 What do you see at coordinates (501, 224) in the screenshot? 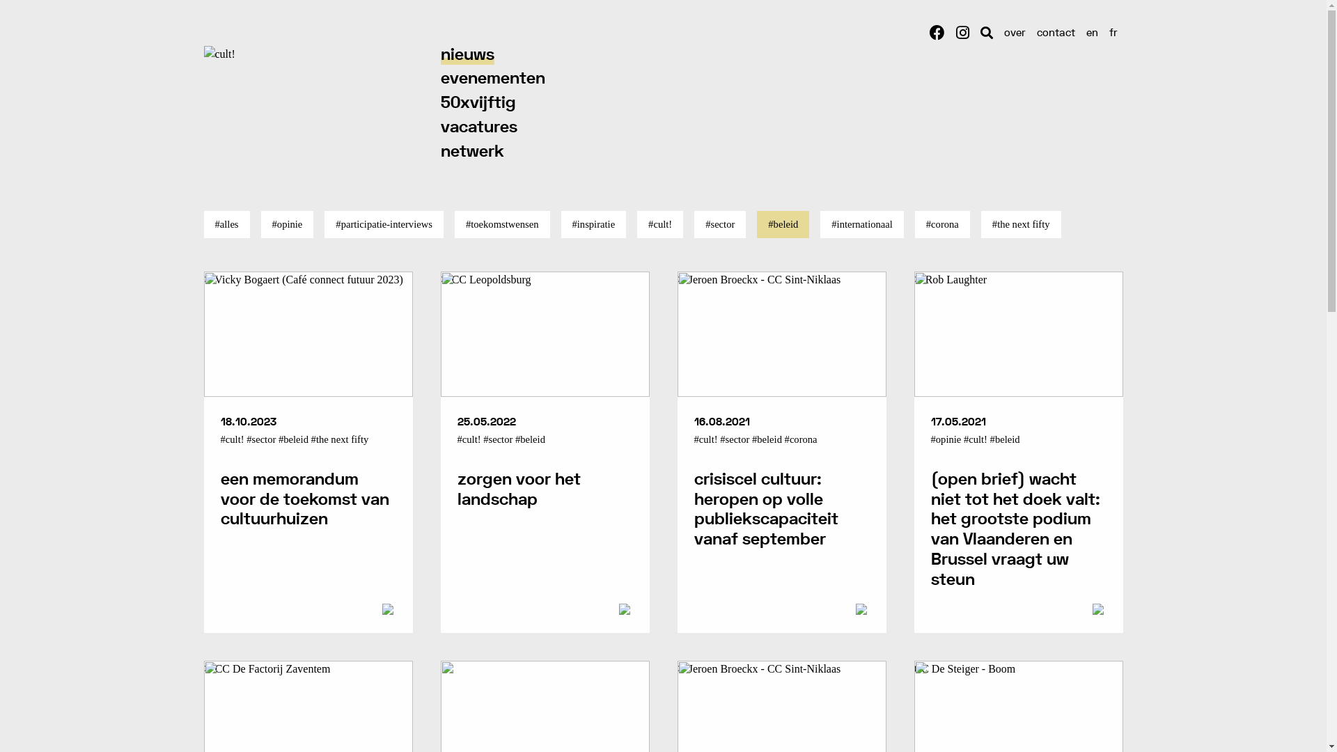
I see `'#toekomstwensen'` at bounding box center [501, 224].